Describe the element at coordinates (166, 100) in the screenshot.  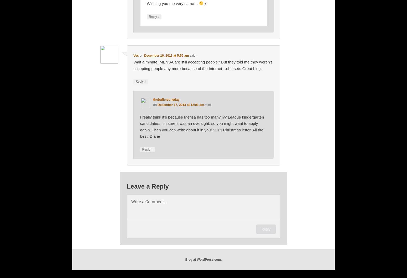
I see `'thebufferzoneday'` at that location.